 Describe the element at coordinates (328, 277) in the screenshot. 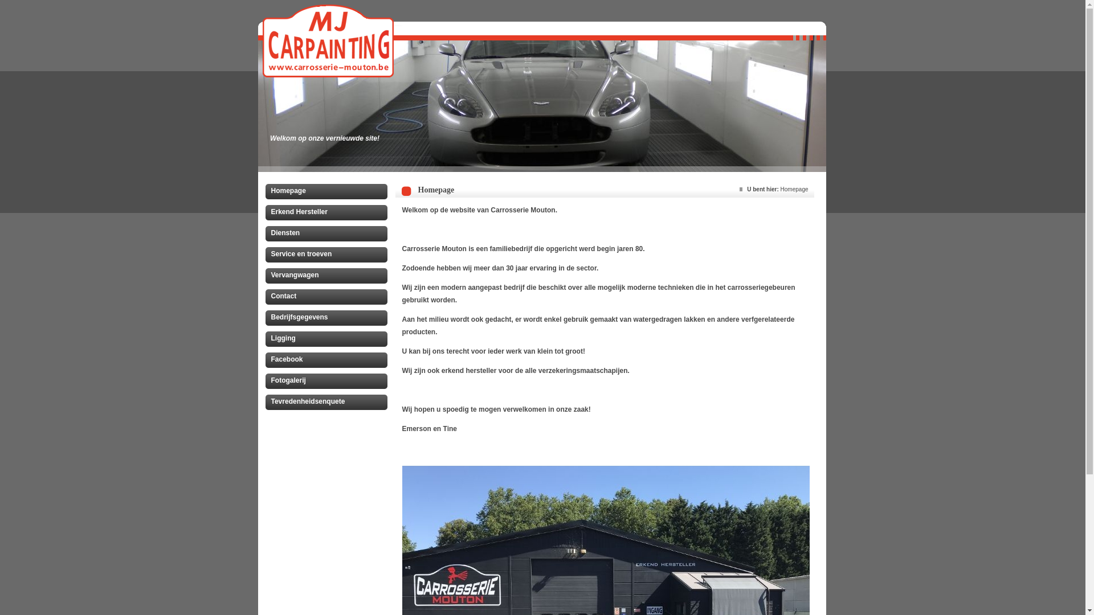

I see `'Vervangwagen'` at that location.